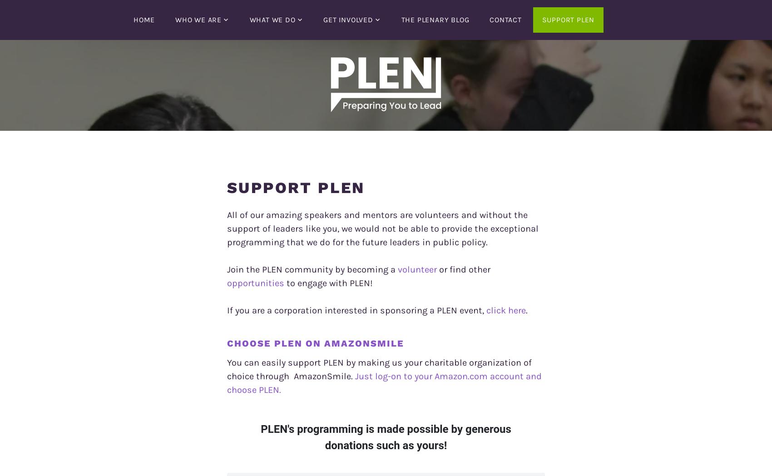 The width and height of the screenshot is (772, 476). What do you see at coordinates (434, 19) in the screenshot?
I see `'The Plenary Blog'` at bounding box center [434, 19].